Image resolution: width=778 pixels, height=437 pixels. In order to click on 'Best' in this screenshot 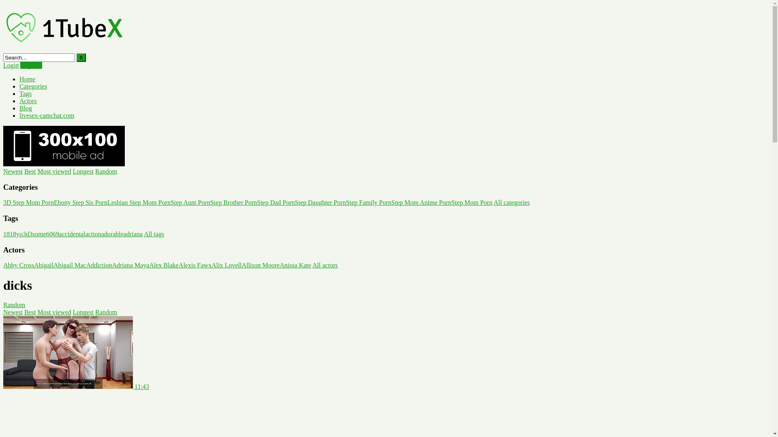, I will do `click(30, 312)`.